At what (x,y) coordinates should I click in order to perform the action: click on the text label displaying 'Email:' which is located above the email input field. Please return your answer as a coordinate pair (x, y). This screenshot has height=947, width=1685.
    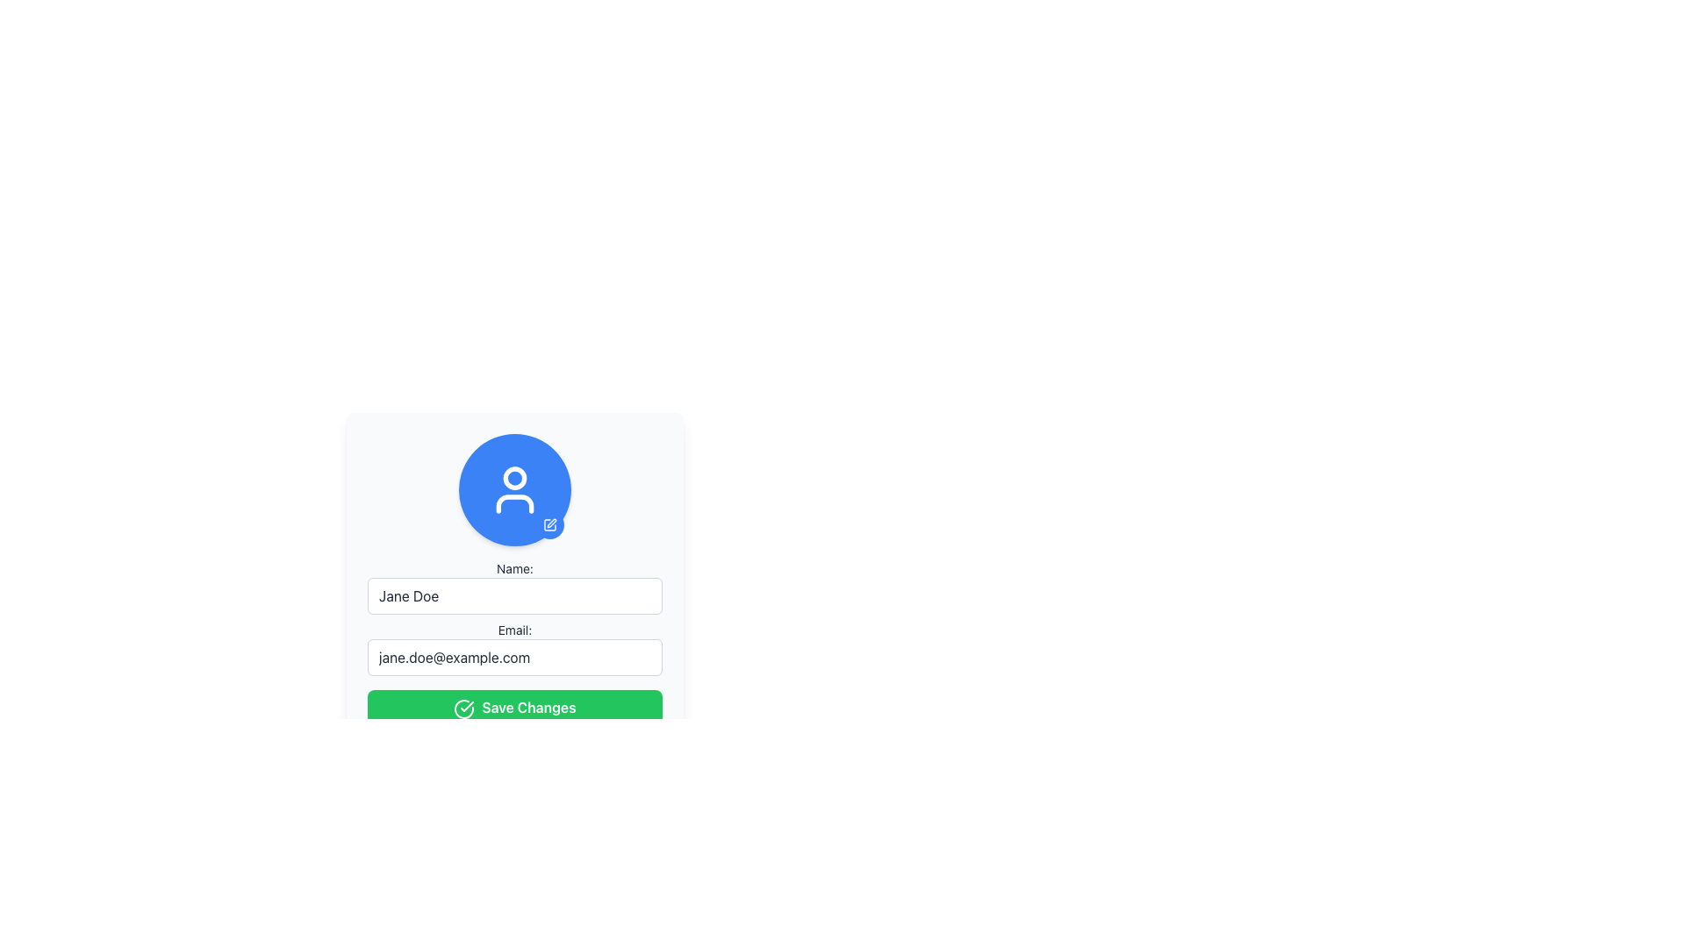
    Looking at the image, I should click on (513, 629).